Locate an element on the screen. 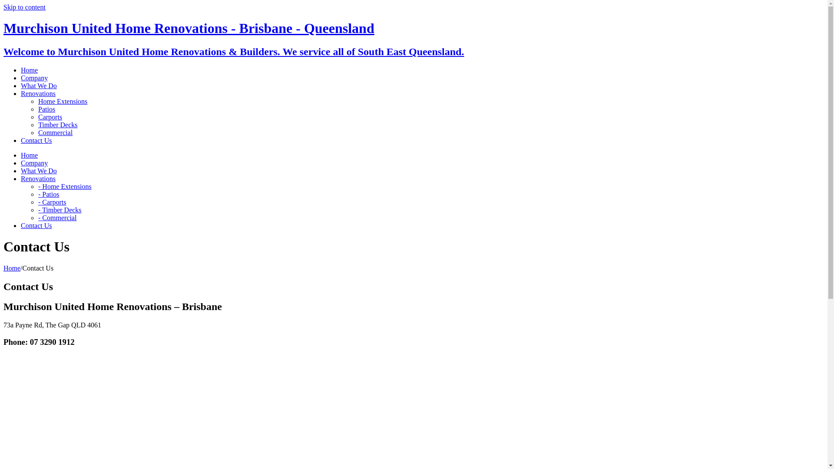  'Skip to content' is located at coordinates (3, 7).